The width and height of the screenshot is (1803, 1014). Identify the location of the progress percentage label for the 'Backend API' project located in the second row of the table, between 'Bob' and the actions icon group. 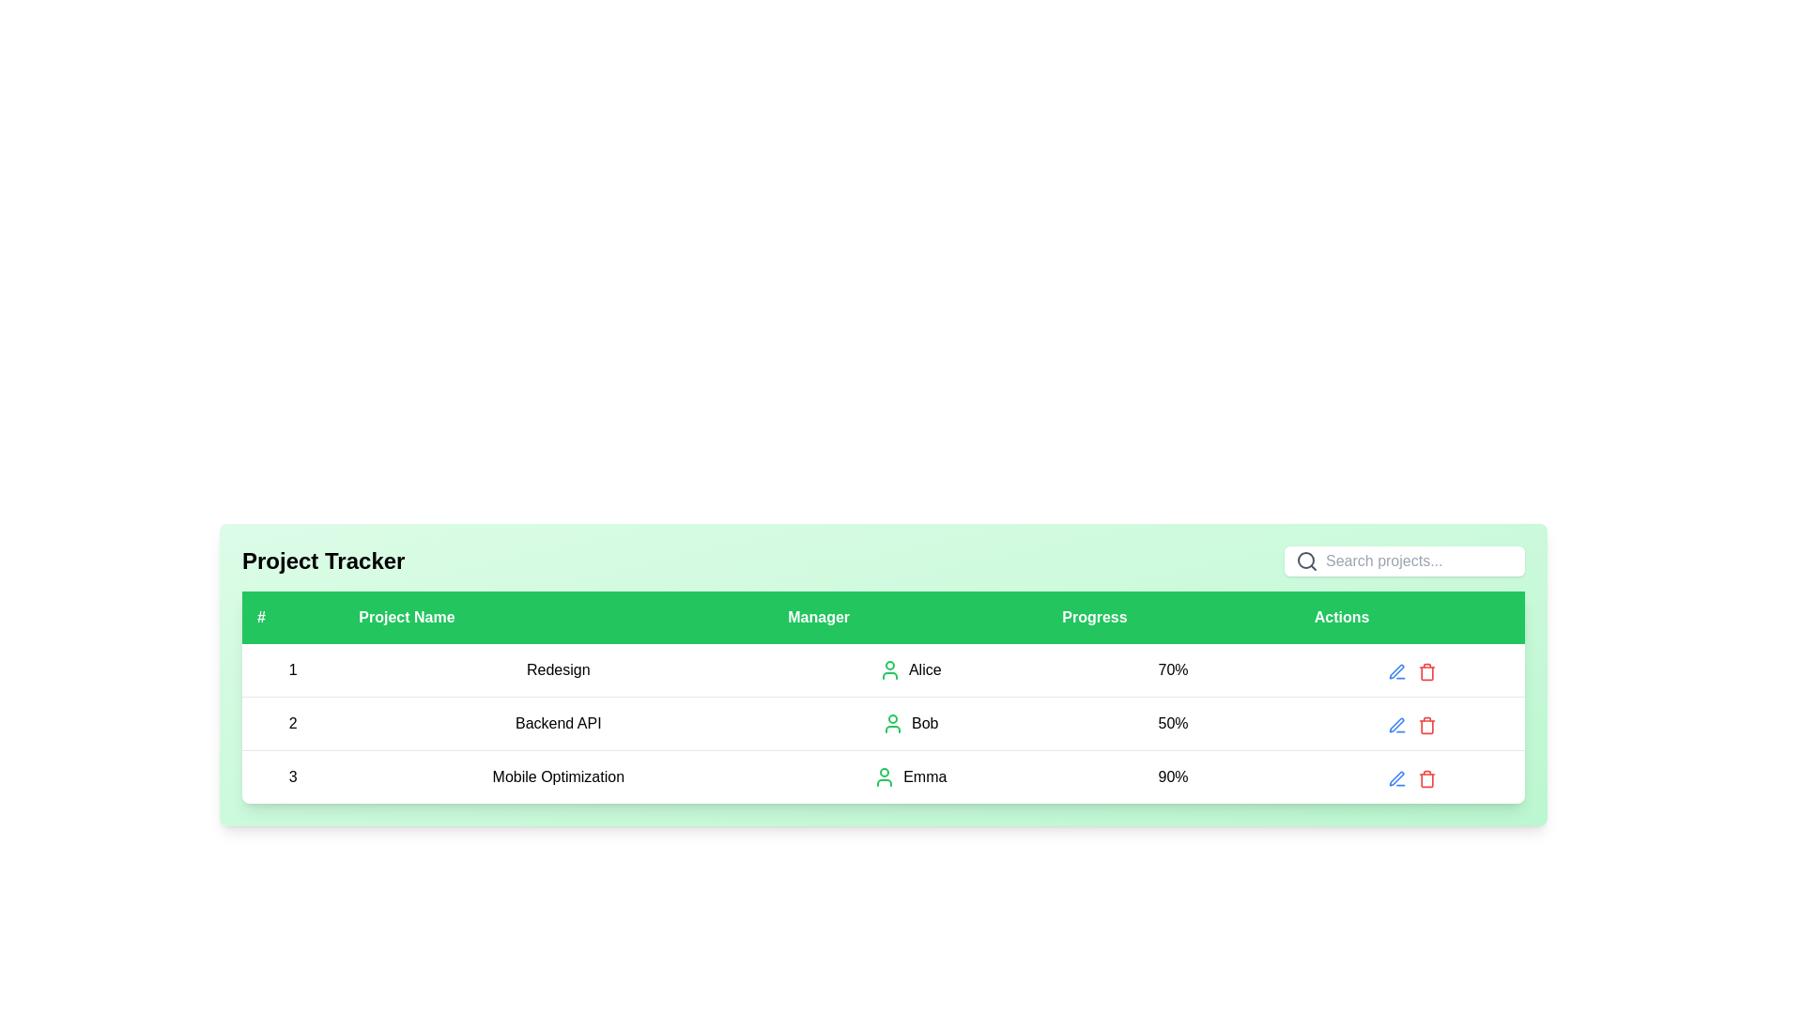
(1172, 723).